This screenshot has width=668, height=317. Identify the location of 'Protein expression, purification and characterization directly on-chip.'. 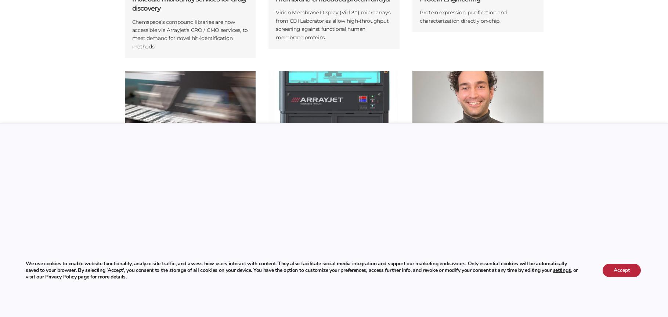
(462, 17).